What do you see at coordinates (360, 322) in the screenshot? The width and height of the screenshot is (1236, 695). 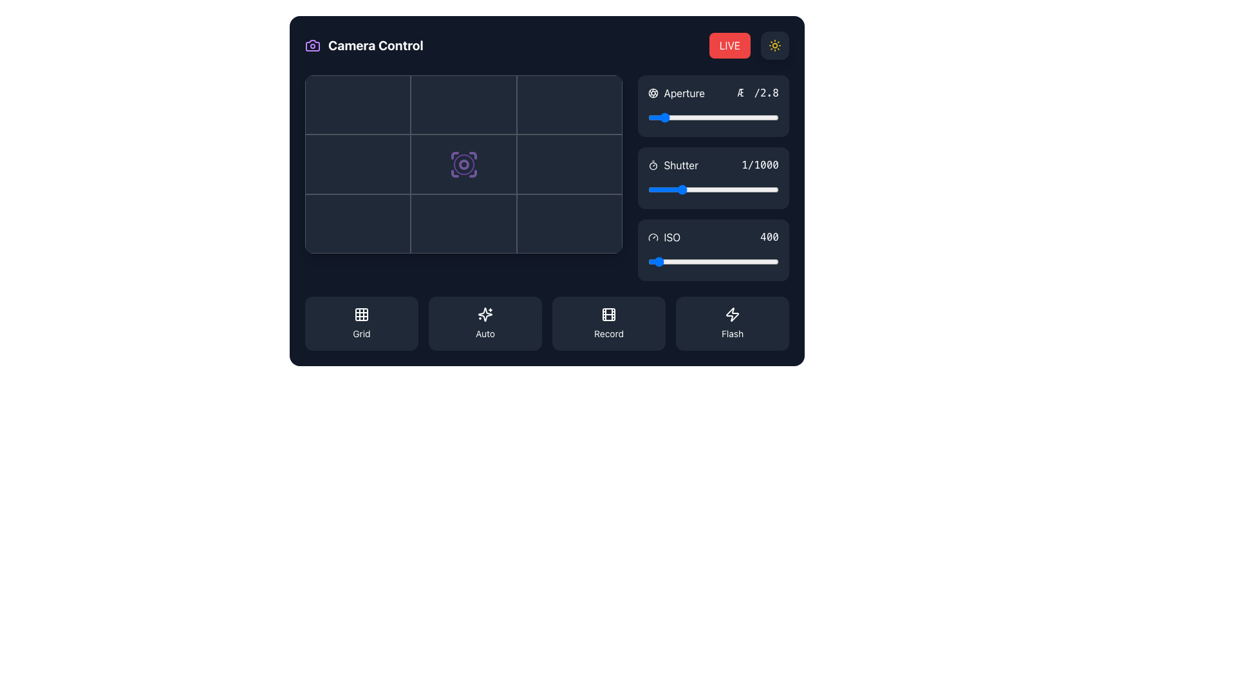 I see `the first button in the horizontally aligned group of buttons at the bottom of the interface` at bounding box center [360, 322].